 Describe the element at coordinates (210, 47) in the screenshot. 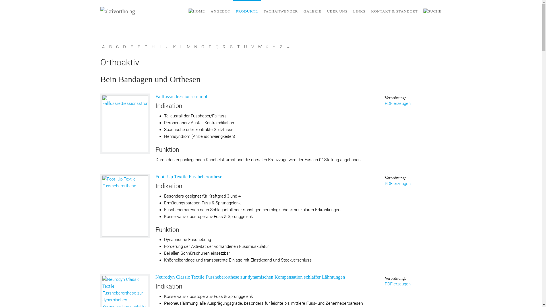

I see `'P'` at that location.